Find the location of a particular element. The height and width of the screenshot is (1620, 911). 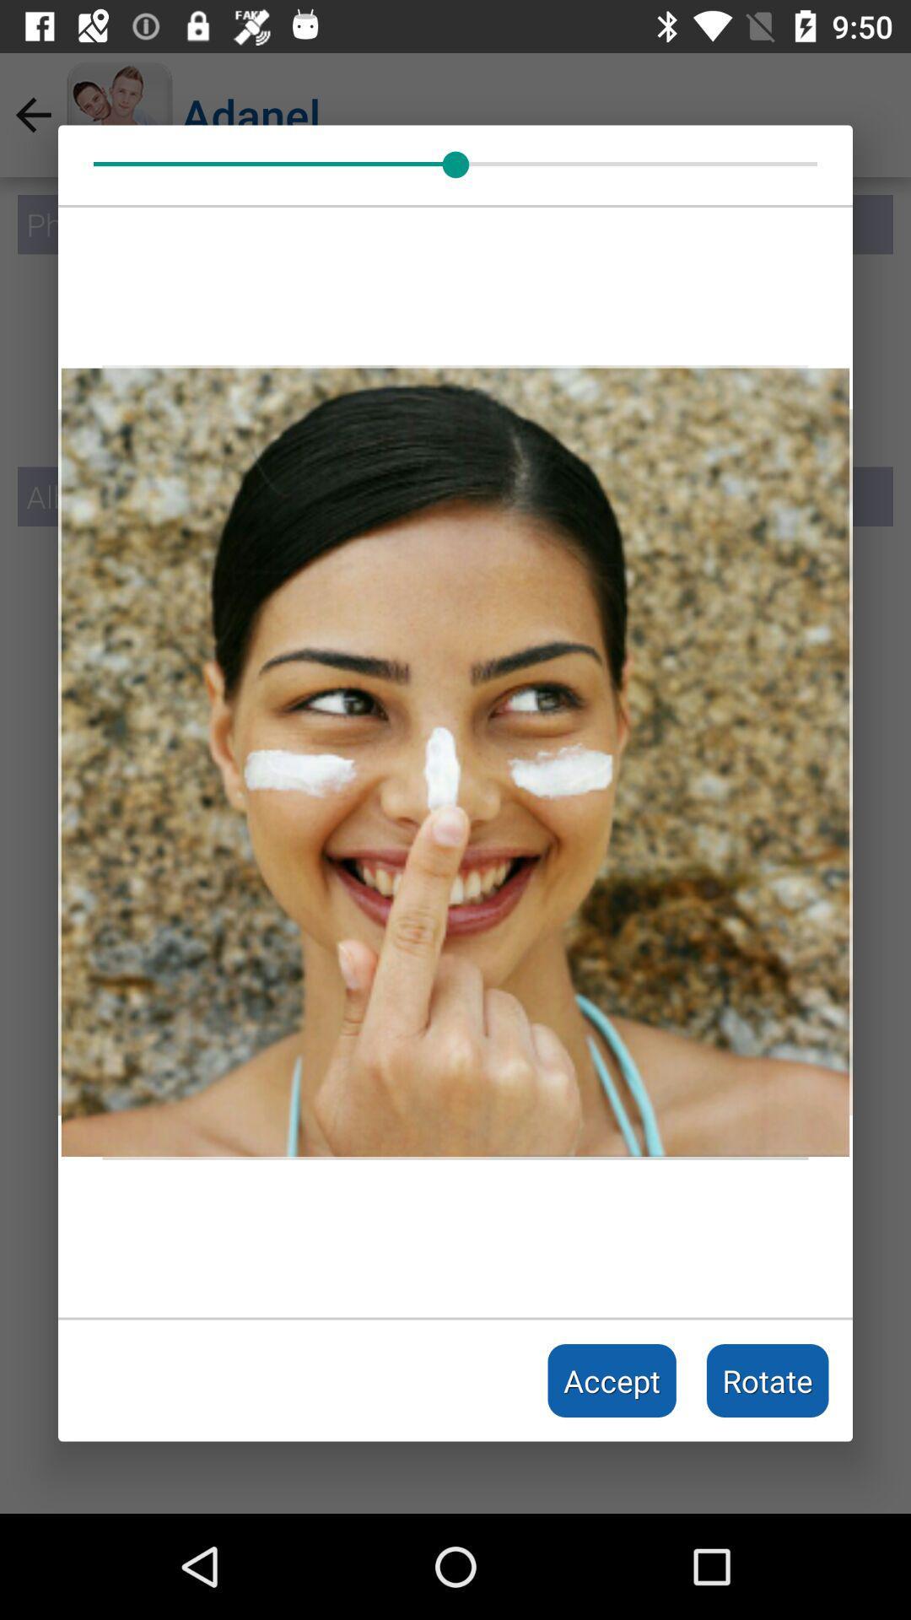

accept item is located at coordinates (612, 1380).